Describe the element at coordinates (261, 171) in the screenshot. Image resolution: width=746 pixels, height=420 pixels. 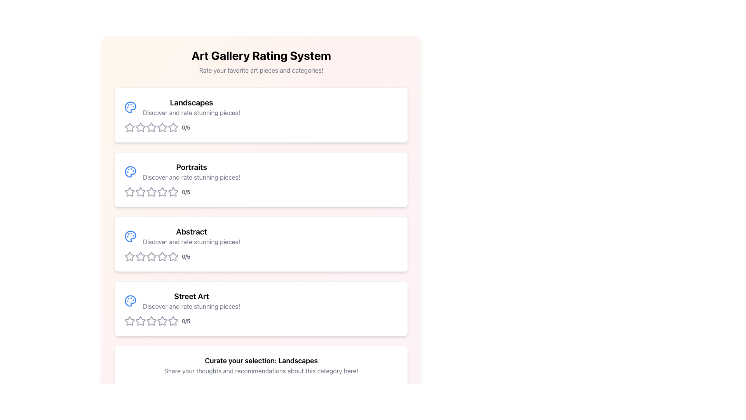
I see `the 'Portraits' category item, which is the second item in the list of categories, positioned below 'Landscapes' and above 'Abstract'` at that location.